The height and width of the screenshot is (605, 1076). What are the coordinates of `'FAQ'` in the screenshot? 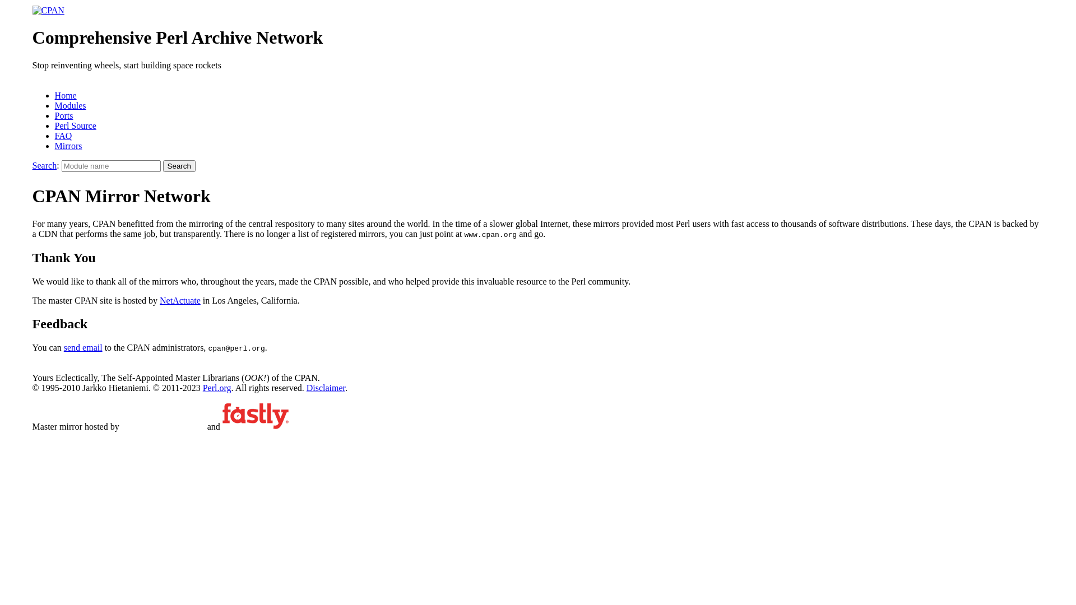 It's located at (63, 135).